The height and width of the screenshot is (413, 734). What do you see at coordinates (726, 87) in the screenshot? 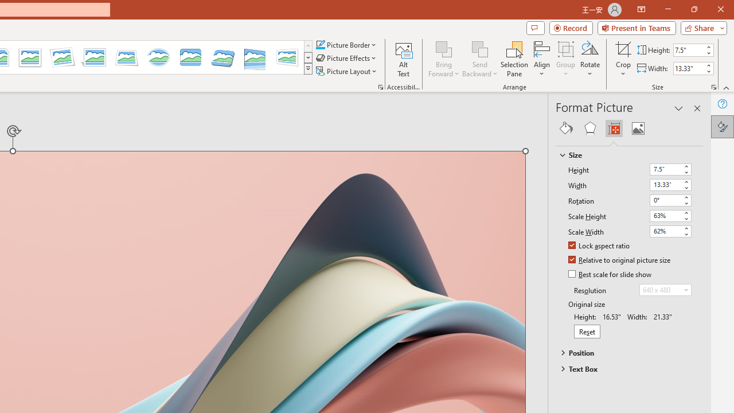
I see `'Collapse the Ribbon'` at bounding box center [726, 87].